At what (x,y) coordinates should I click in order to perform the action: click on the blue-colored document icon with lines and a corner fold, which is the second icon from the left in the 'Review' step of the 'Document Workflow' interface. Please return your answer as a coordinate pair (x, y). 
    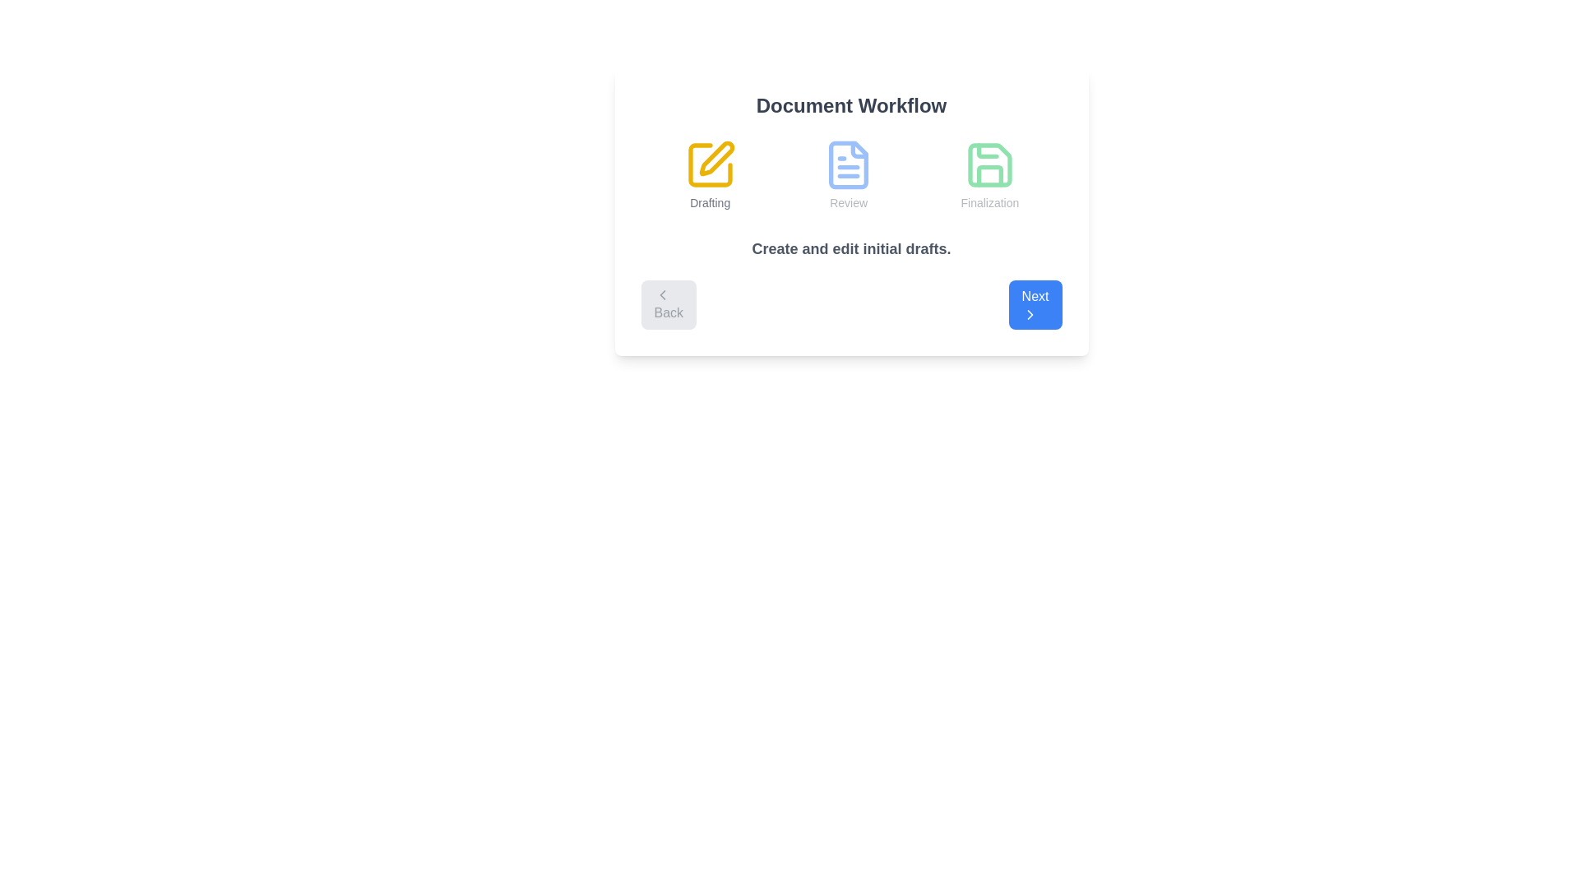
    Looking at the image, I should click on (849, 164).